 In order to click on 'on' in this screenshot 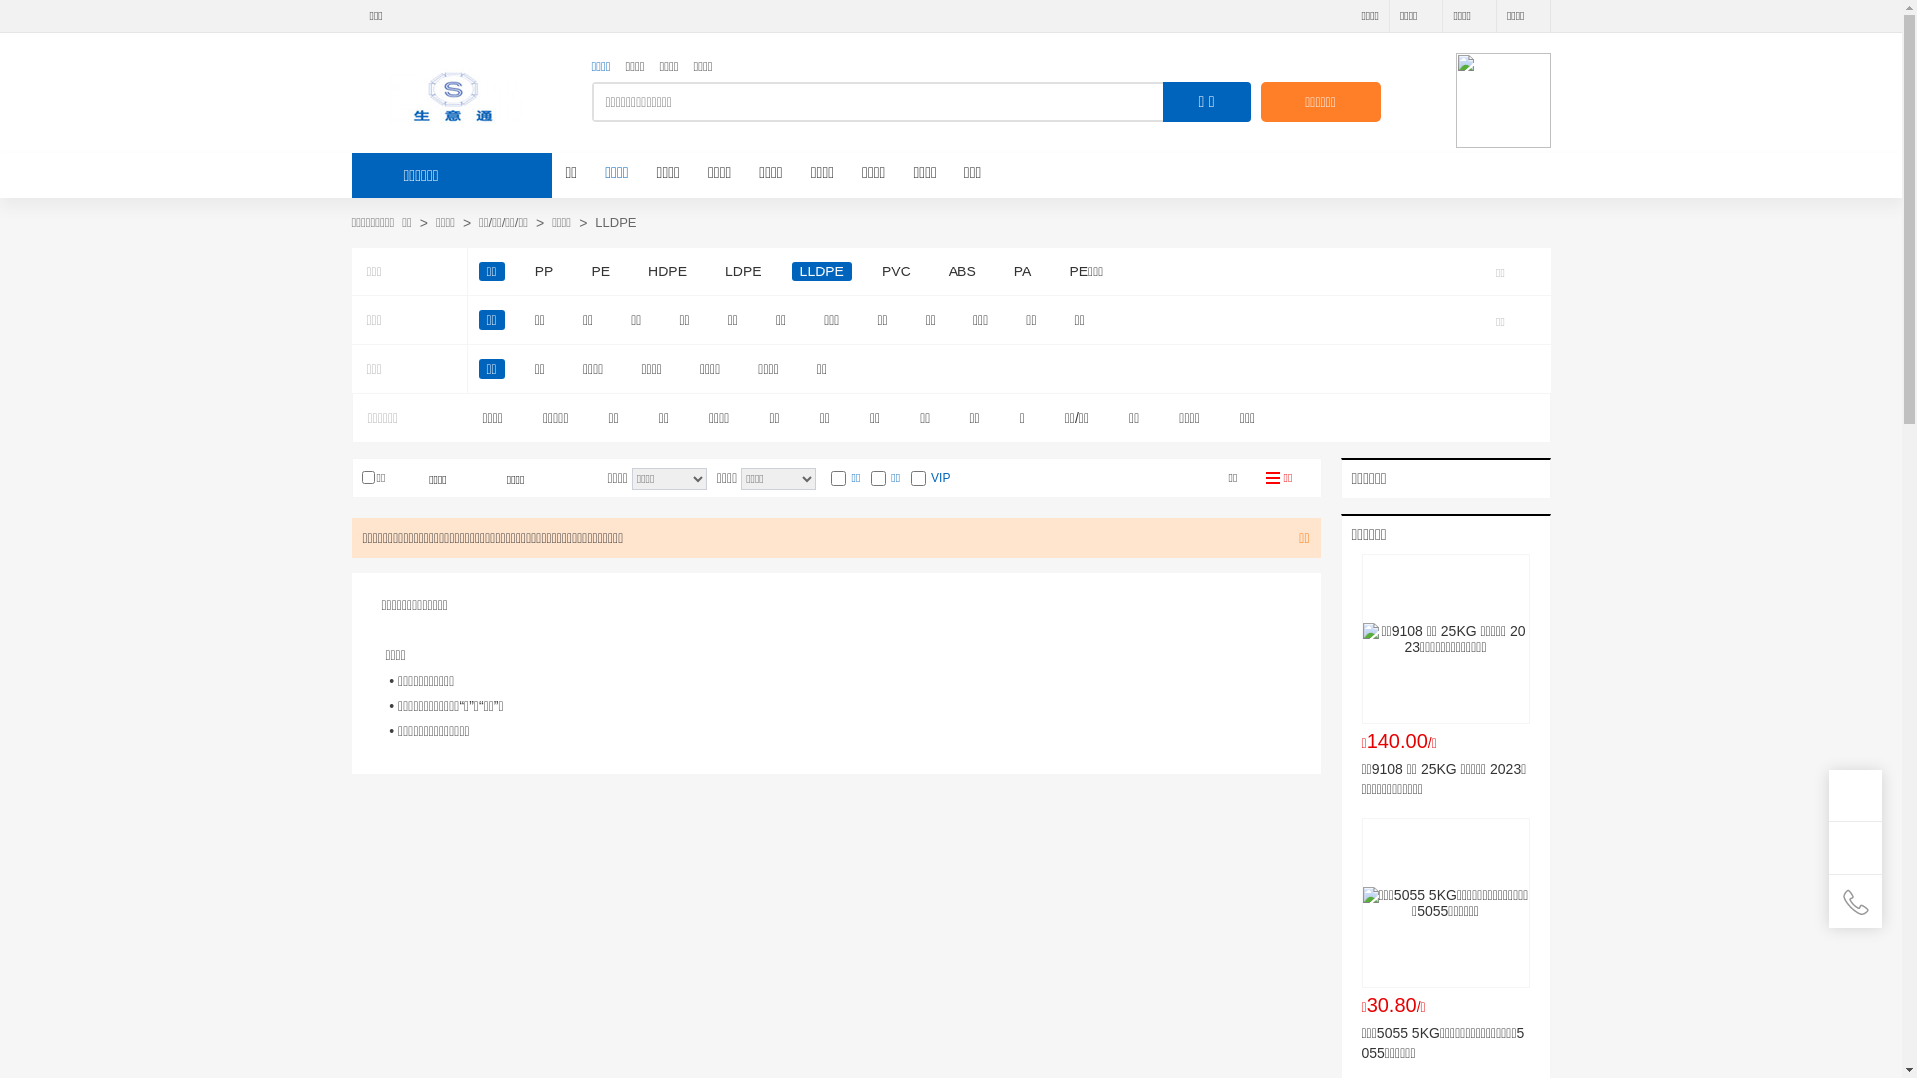, I will do `click(917, 478)`.